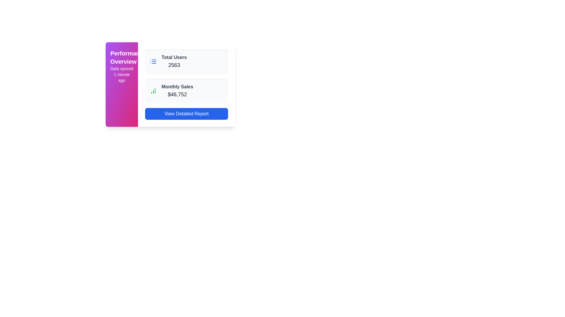 Image resolution: width=565 pixels, height=317 pixels. Describe the element at coordinates (153, 61) in the screenshot. I see `the small rectangular icon resembling a list, which is blue-colored and positioned to the left of the 'Total Users' label within a card-like component` at that location.